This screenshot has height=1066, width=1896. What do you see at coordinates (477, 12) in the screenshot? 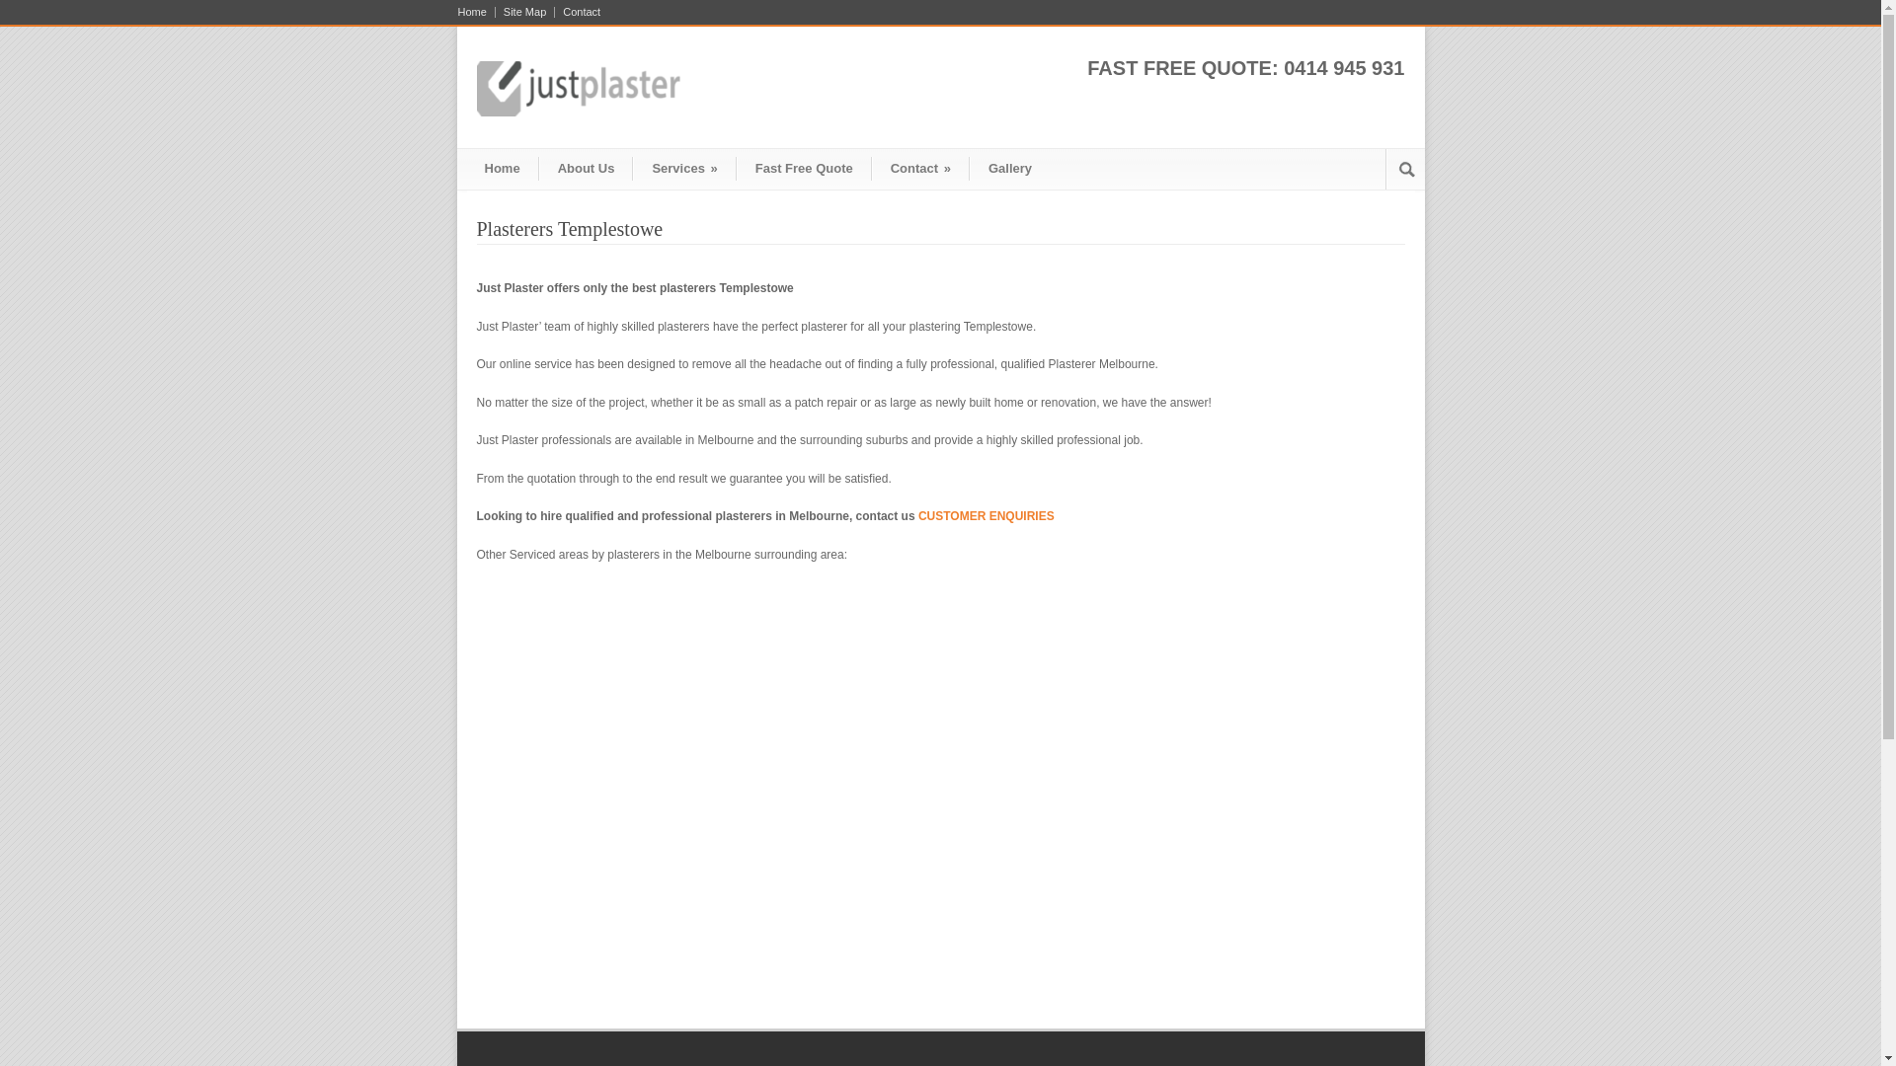
I see `'Home'` at bounding box center [477, 12].